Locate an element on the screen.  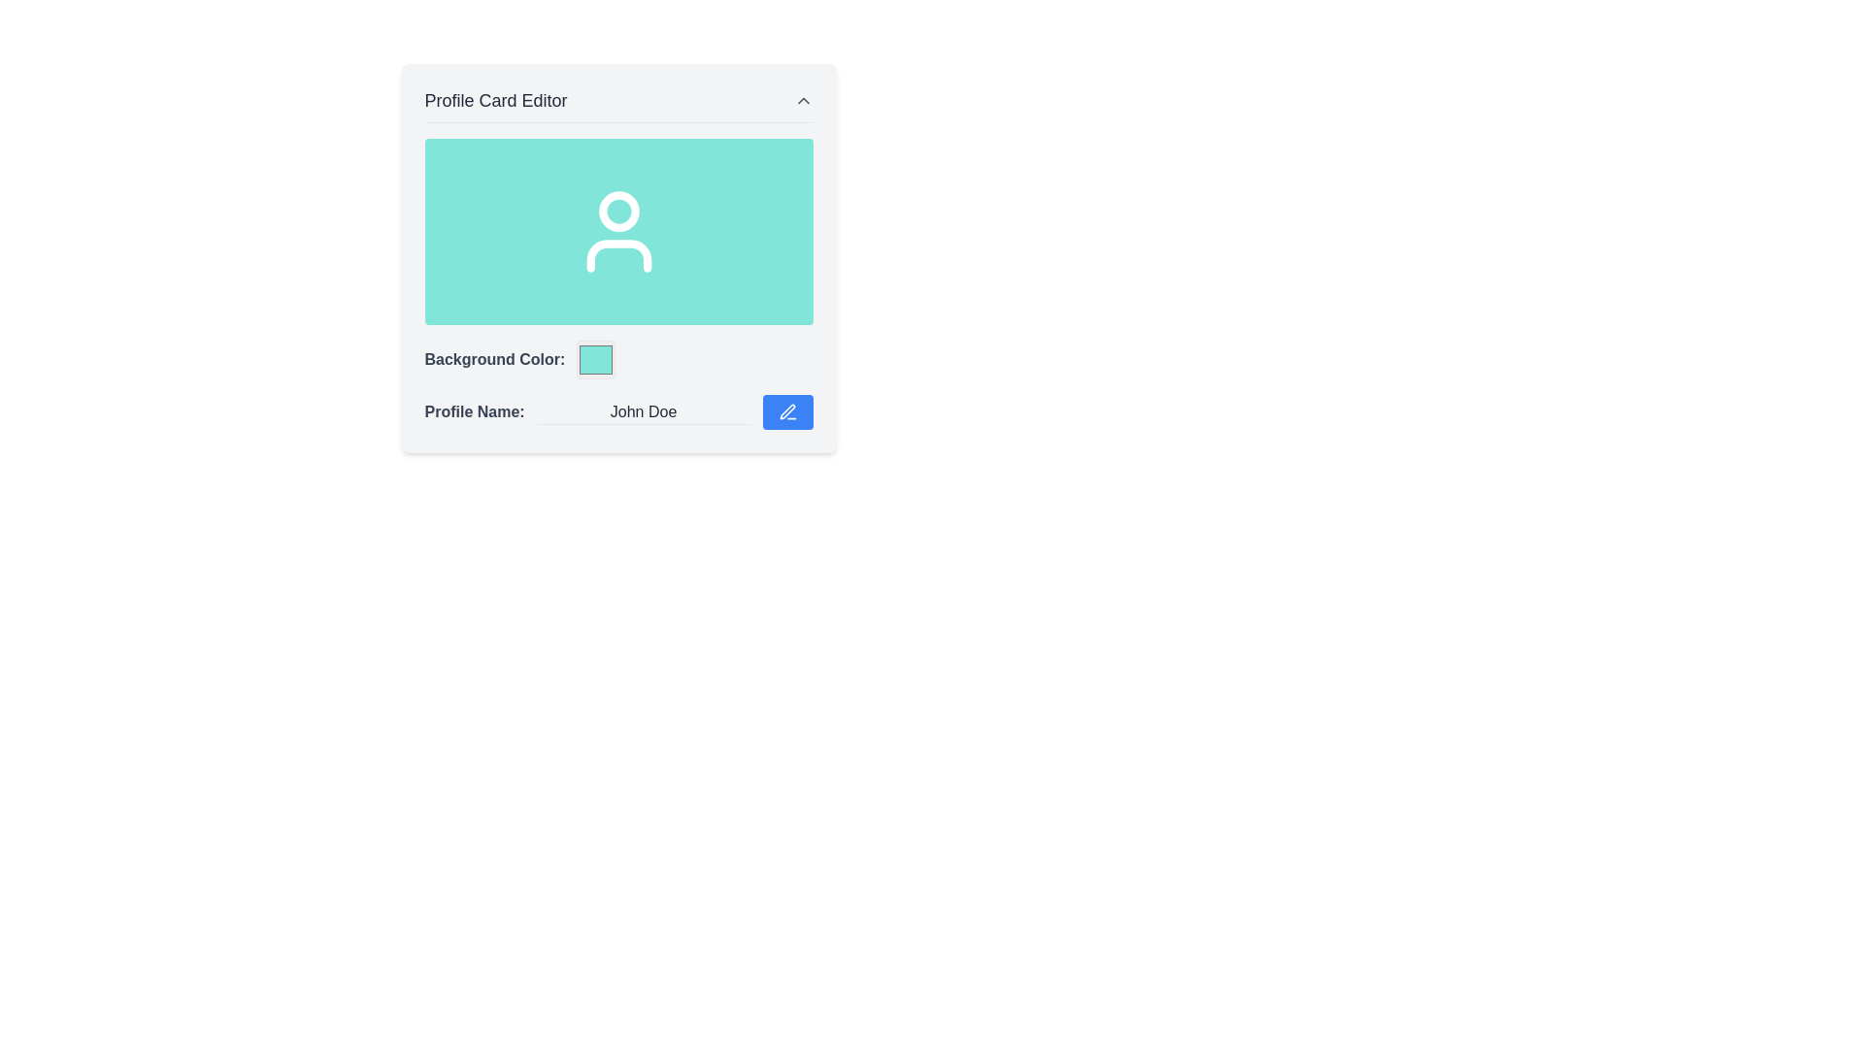
the semicircular user profile icon with a white stroke on a mint-green background, located centrally below the circular top half of the profile graphic is located at coordinates (617, 254).